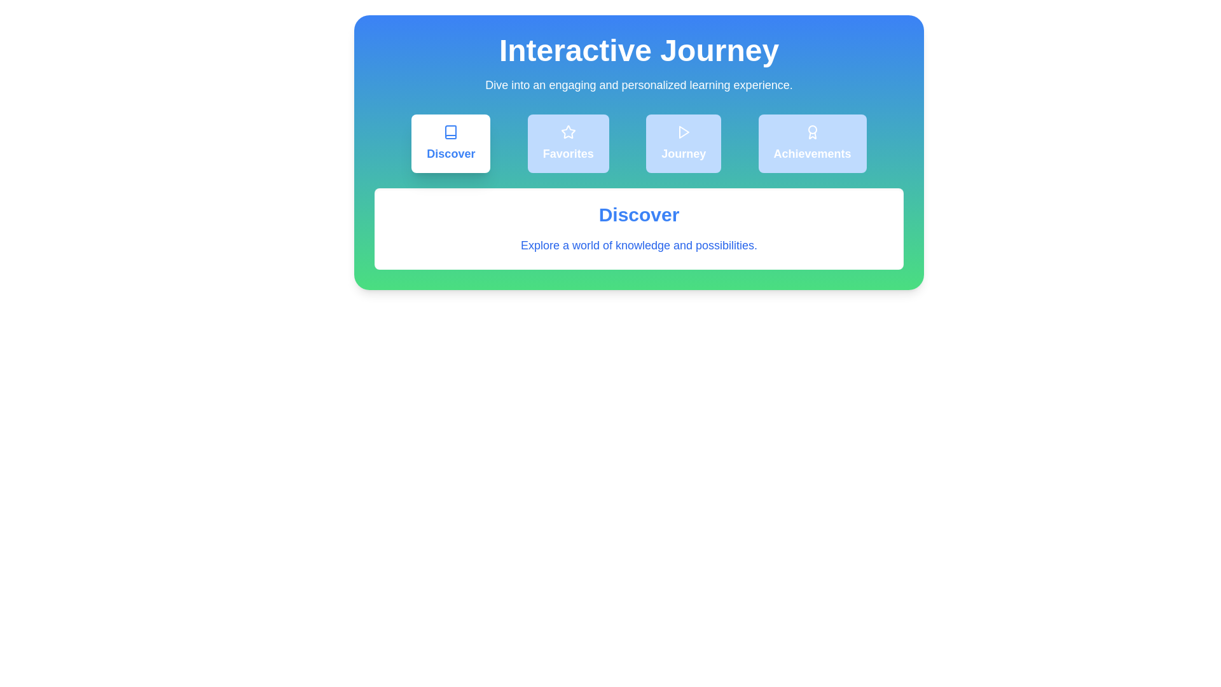 The width and height of the screenshot is (1221, 687). I want to click on the tab corresponding to Discover, so click(451, 143).